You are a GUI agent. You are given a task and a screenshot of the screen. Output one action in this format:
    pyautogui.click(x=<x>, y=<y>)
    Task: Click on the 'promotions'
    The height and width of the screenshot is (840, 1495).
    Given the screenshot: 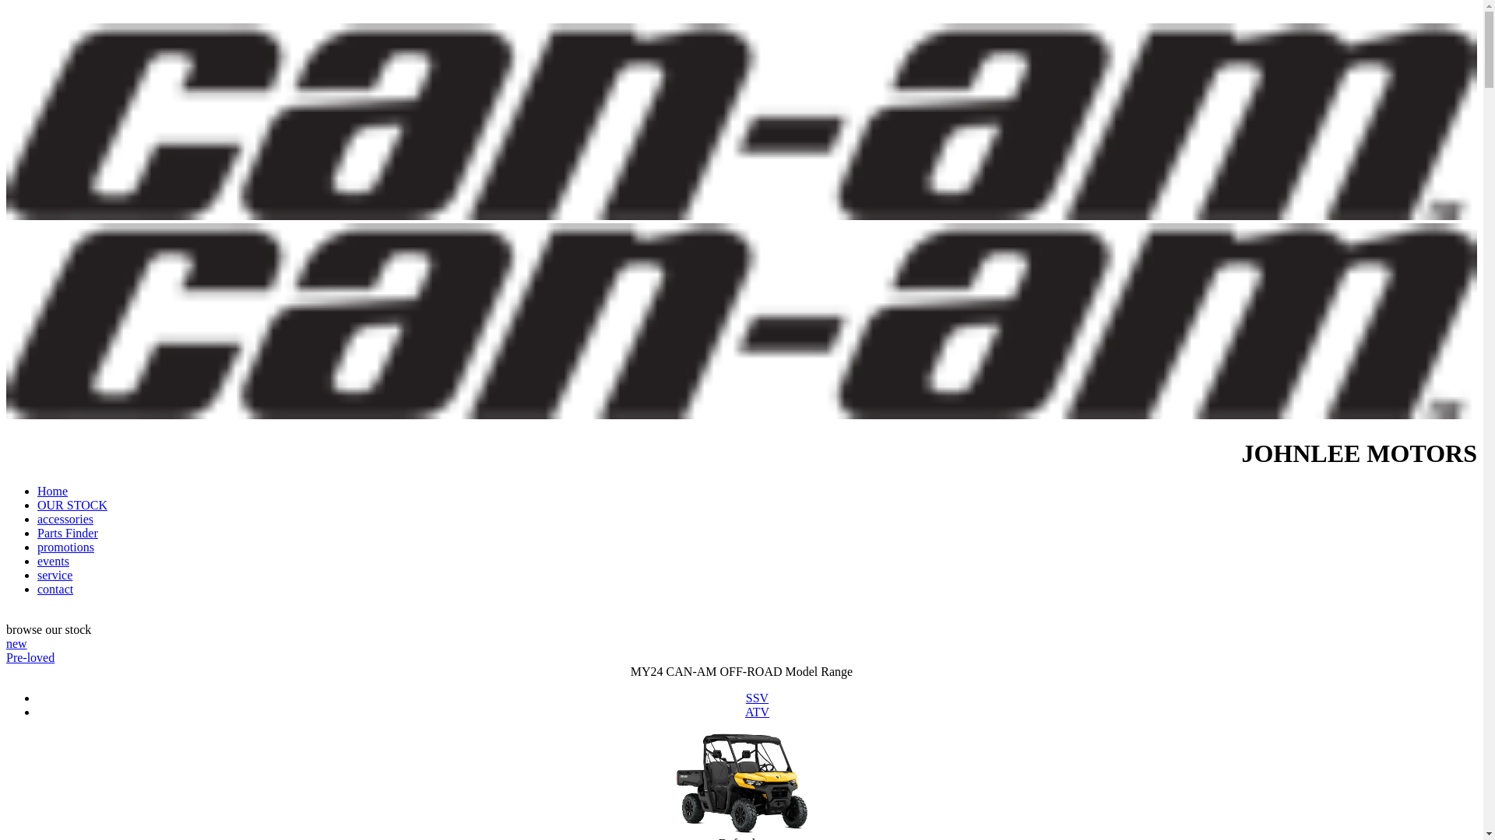 What is the action you would take?
    pyautogui.click(x=37, y=546)
    